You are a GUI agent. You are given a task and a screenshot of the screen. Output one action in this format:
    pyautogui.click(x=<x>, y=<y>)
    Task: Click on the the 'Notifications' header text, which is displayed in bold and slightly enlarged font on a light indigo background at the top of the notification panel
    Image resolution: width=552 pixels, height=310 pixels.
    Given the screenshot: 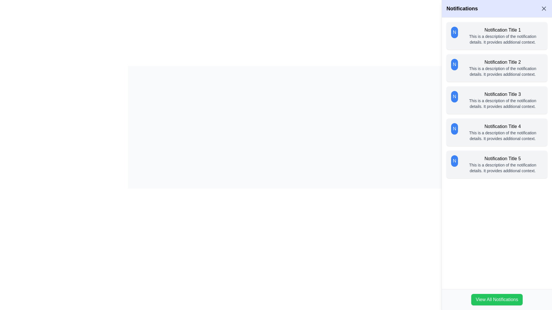 What is the action you would take?
    pyautogui.click(x=462, y=9)
    